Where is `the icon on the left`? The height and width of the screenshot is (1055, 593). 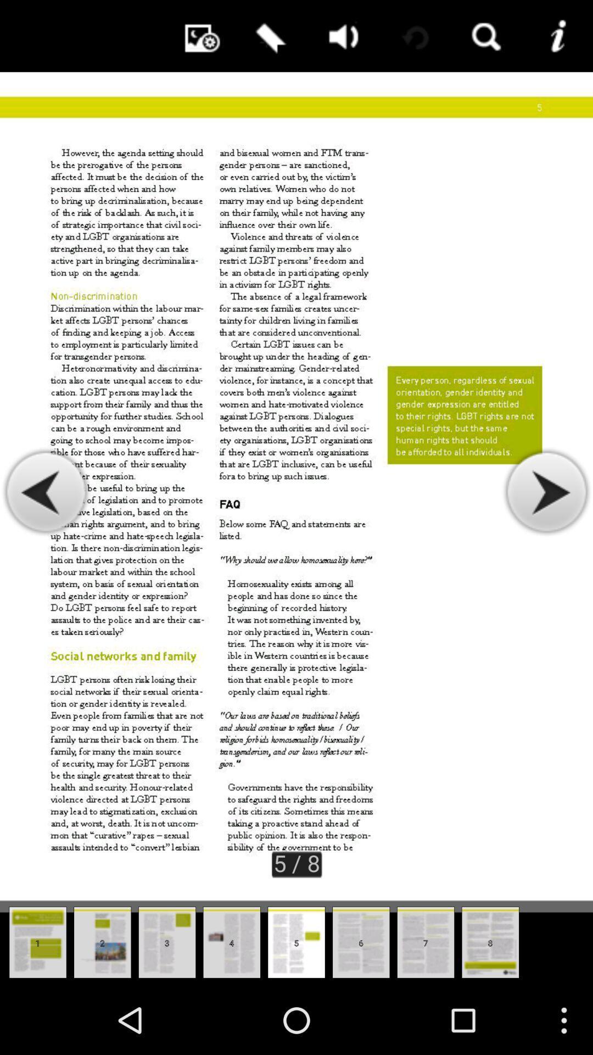
the icon on the left is located at coordinates (46, 492).